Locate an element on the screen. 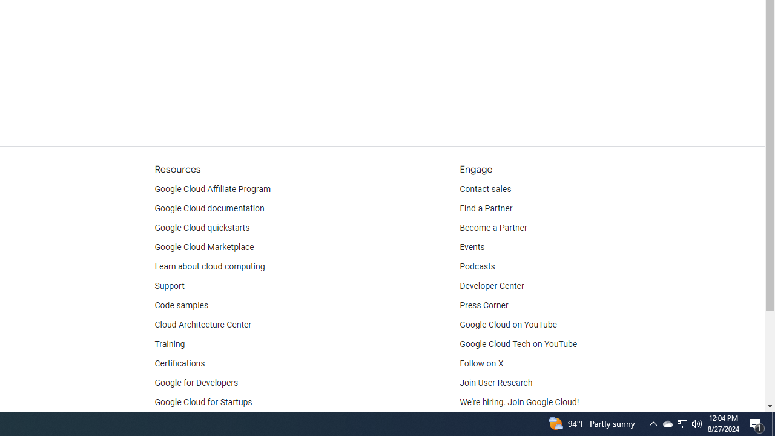 This screenshot has height=436, width=775. 'Developer Center' is located at coordinates (492, 286).